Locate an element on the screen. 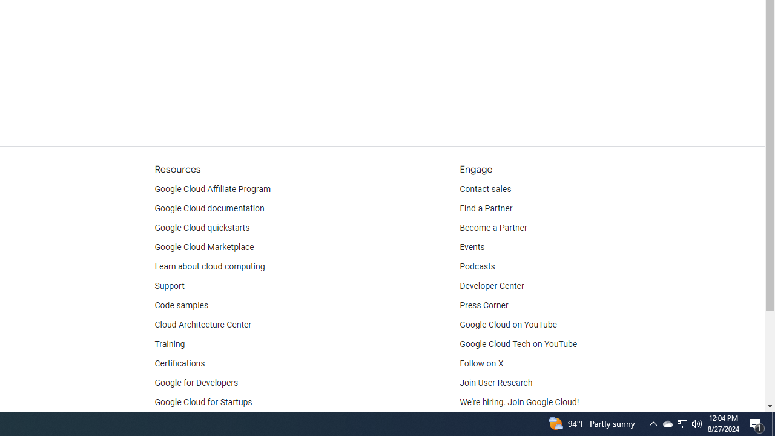 This screenshot has height=436, width=775. 'Developer Center' is located at coordinates (492, 286).